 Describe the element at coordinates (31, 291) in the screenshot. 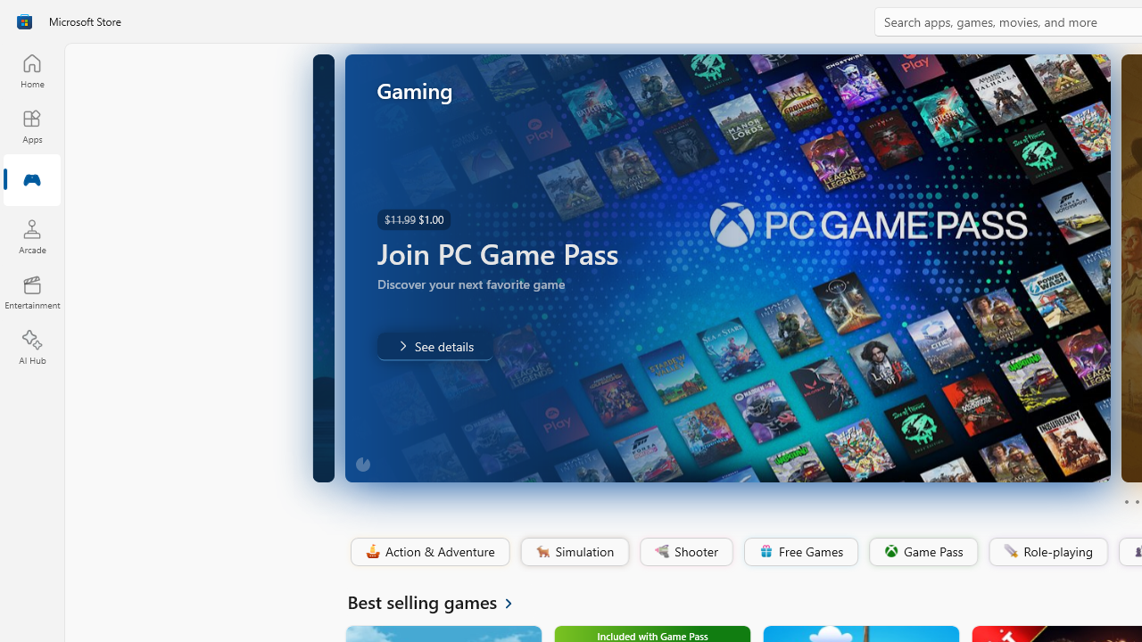

I see `'Entertainment'` at that location.